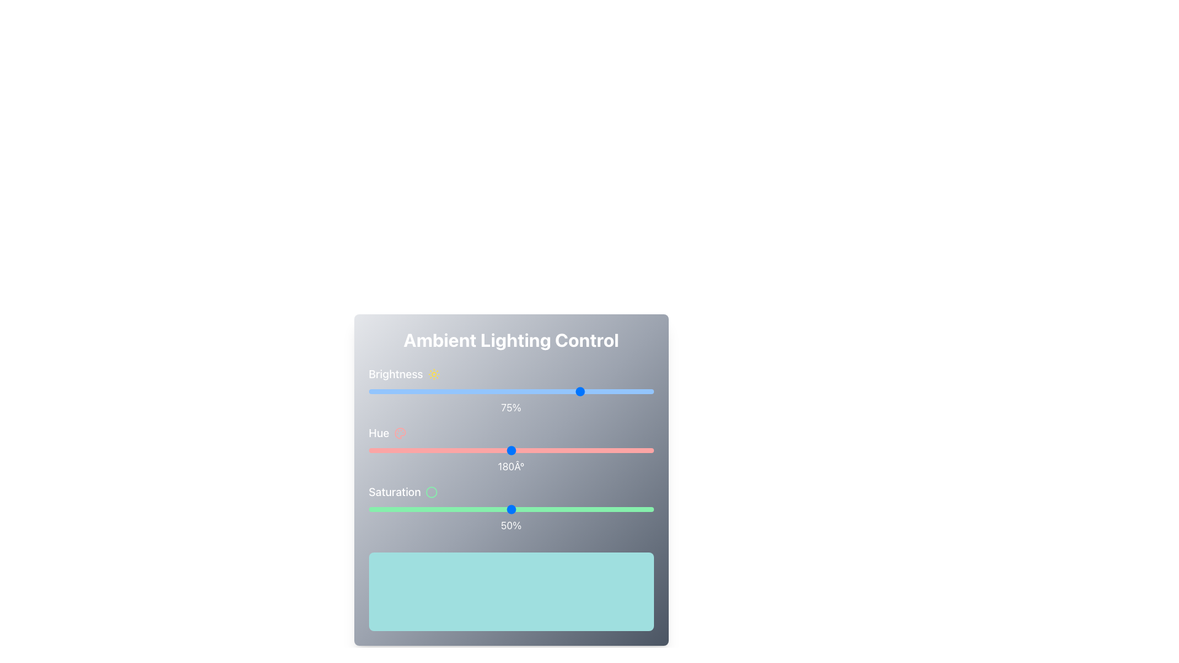  I want to click on saturation, so click(459, 509).